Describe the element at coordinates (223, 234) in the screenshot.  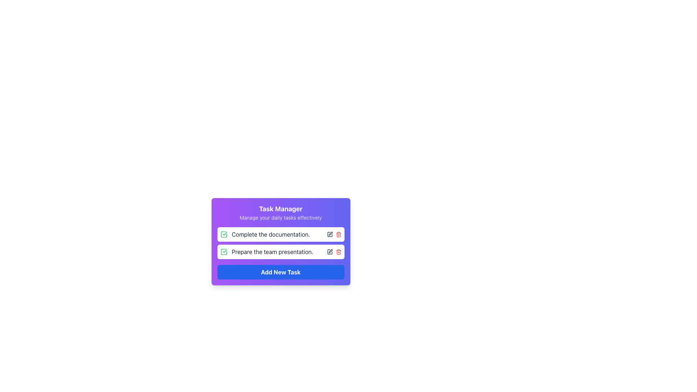
I see `the square-shaped checkbox with a green outline and a checkmark icon inside it, located to the left of the text 'Complete the documentation.' in the Task Manager section` at that location.